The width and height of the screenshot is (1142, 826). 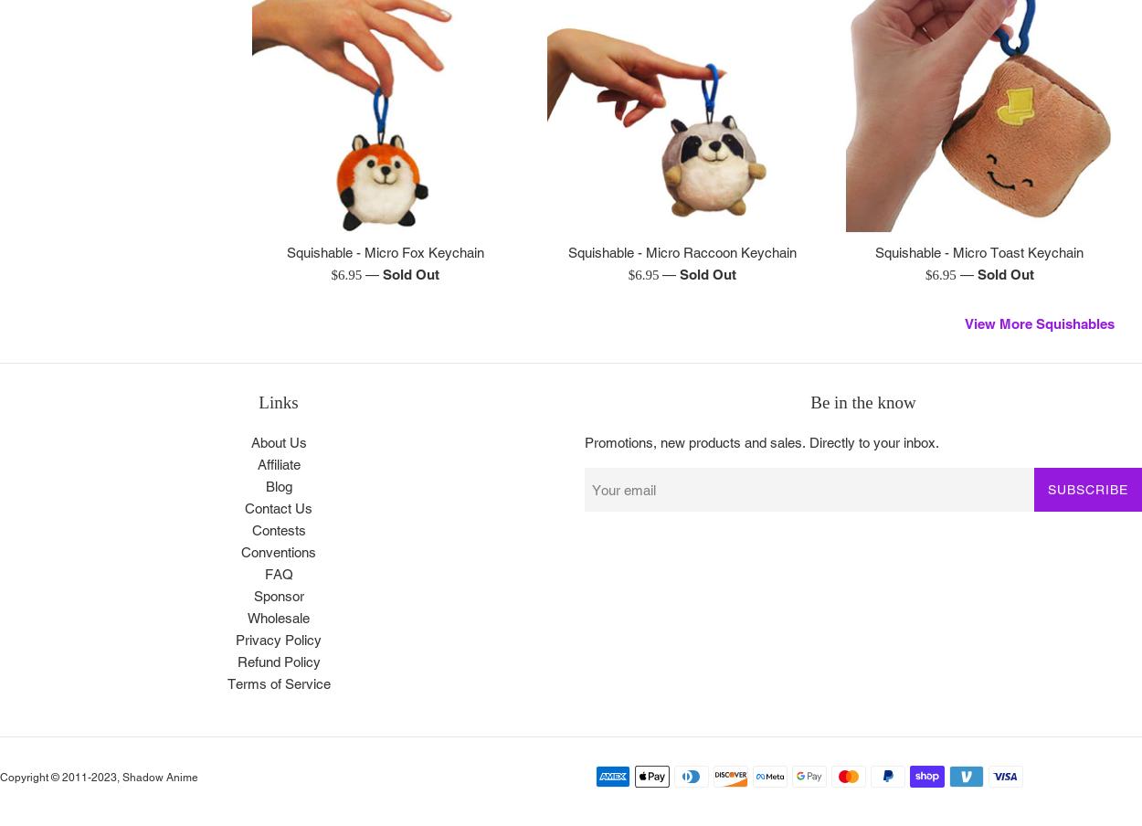 What do you see at coordinates (279, 508) in the screenshot?
I see `'Contact Us'` at bounding box center [279, 508].